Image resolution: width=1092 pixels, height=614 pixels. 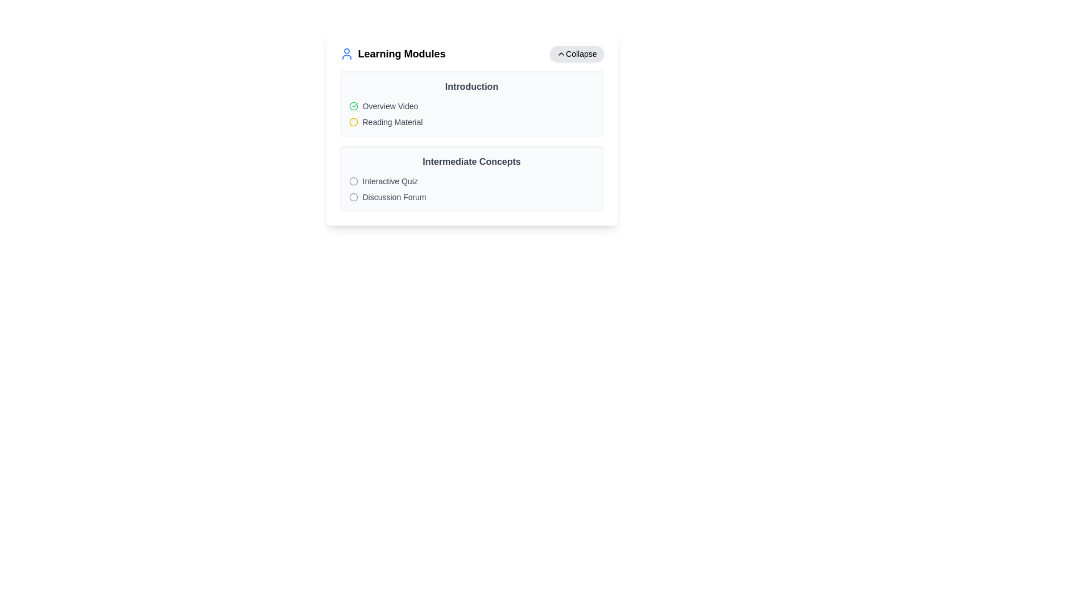 What do you see at coordinates (471, 114) in the screenshot?
I see `the second list item titled 'Reading Material' in the 'Introduction' section` at bounding box center [471, 114].